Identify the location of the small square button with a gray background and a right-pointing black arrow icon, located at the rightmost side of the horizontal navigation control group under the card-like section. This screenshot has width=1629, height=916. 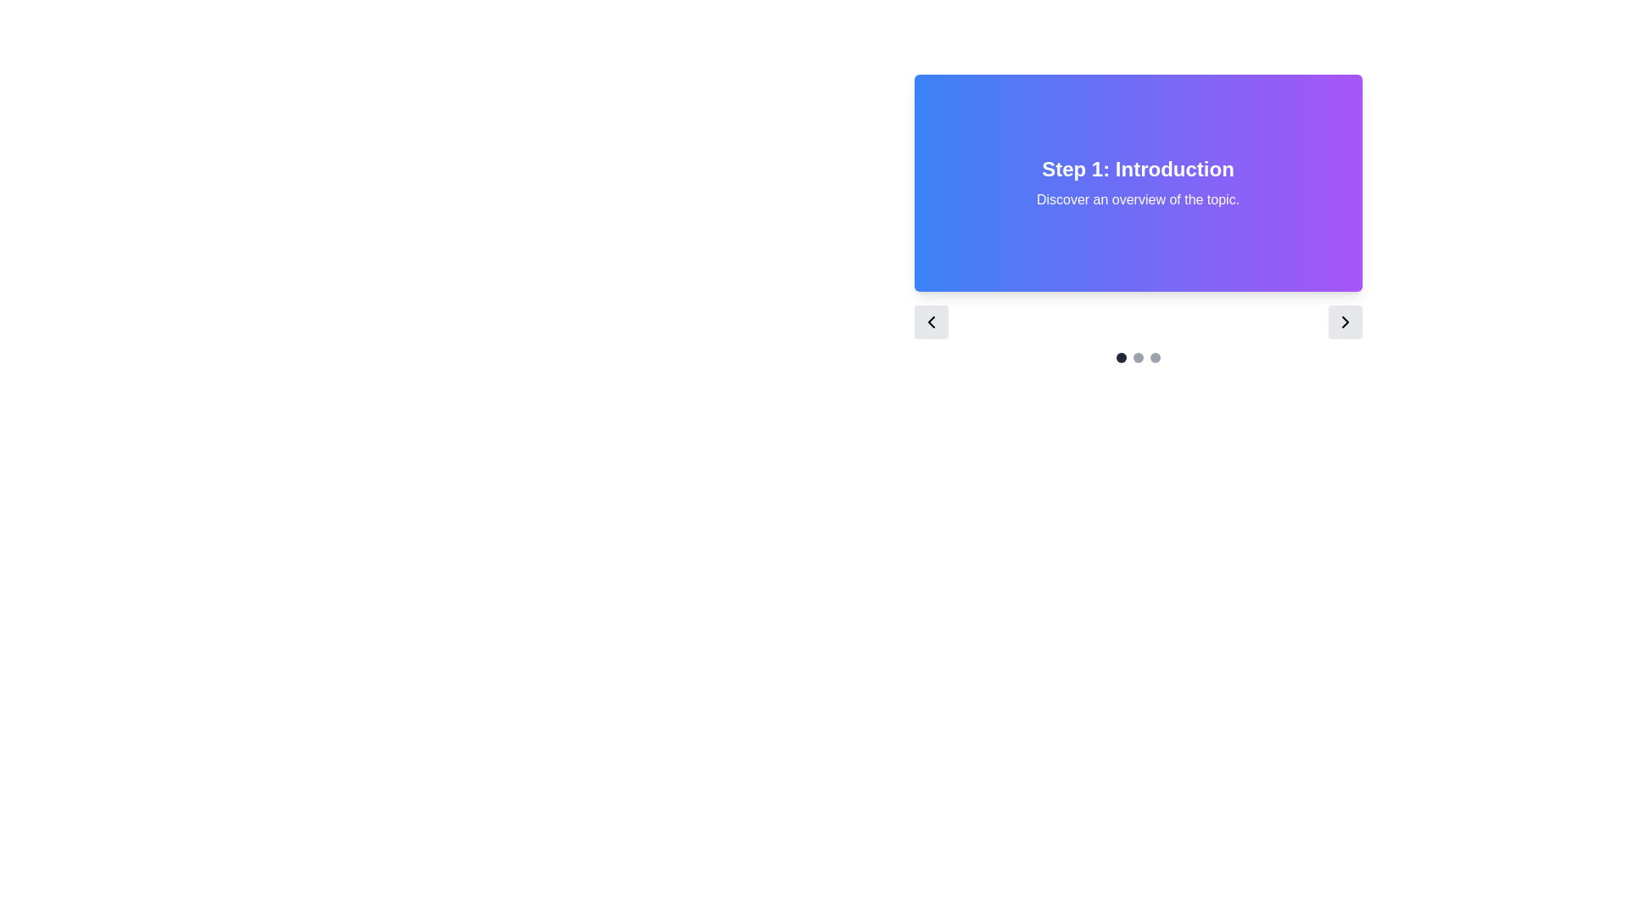
(1344, 322).